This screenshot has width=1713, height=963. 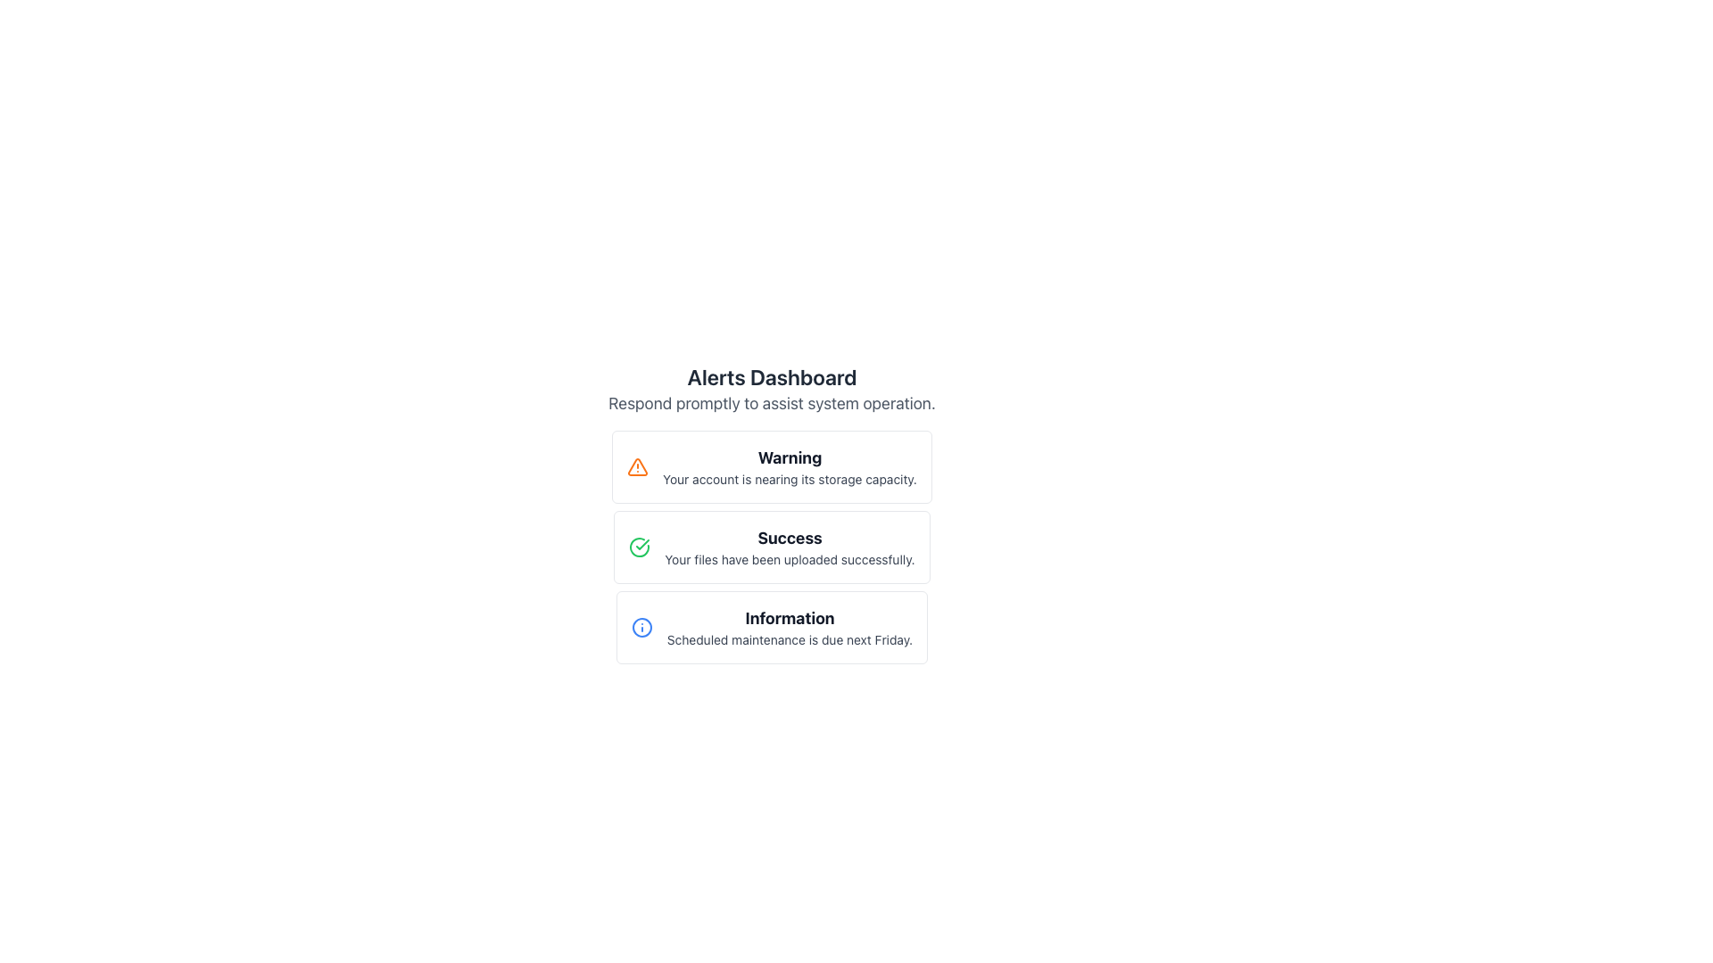 What do you see at coordinates (642, 543) in the screenshot?
I see `the Decorative Icon that visually represents the success state of an action, located alongside the 'Success' label within the second box of the vertical arrangement of information cards` at bounding box center [642, 543].